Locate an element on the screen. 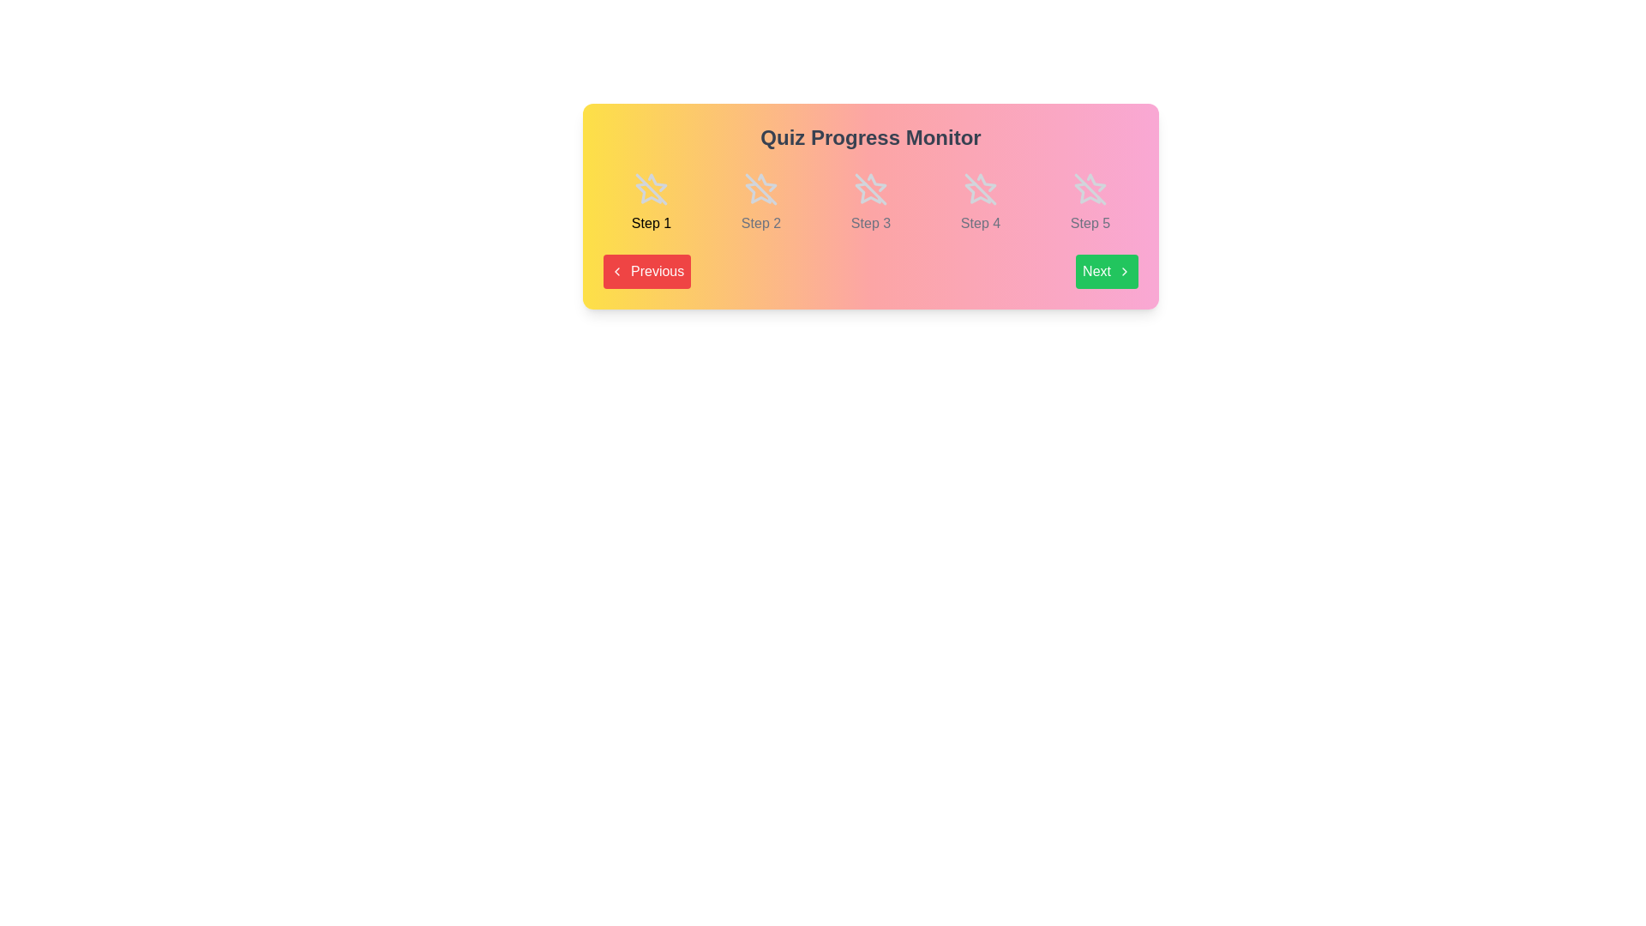 The image size is (1646, 926). the third star icon in the progress tracking interface, which visually represents 'Step 3' is located at coordinates (868, 193).